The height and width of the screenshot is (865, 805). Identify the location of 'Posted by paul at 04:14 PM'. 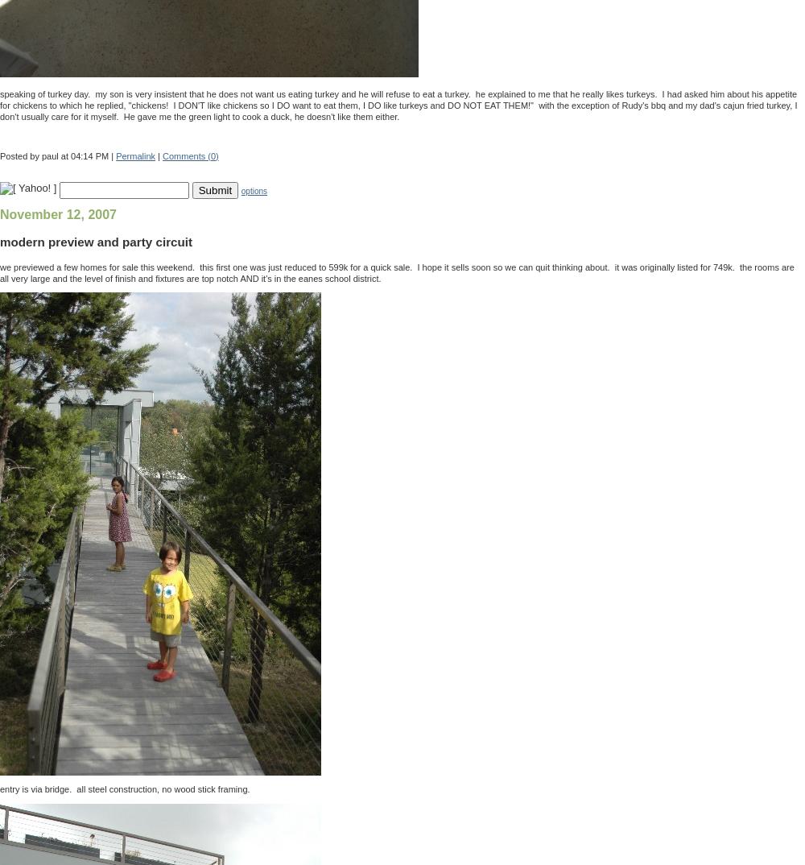
(0, 155).